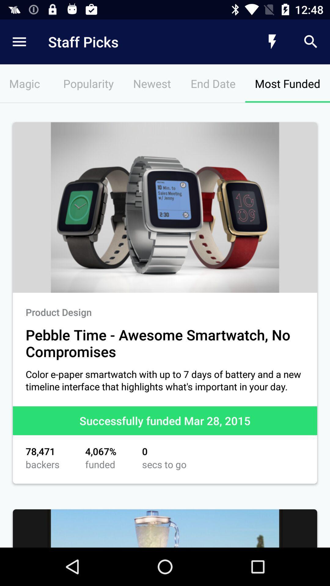 This screenshot has width=330, height=586. I want to click on icon next to staff picks icon, so click(272, 42).